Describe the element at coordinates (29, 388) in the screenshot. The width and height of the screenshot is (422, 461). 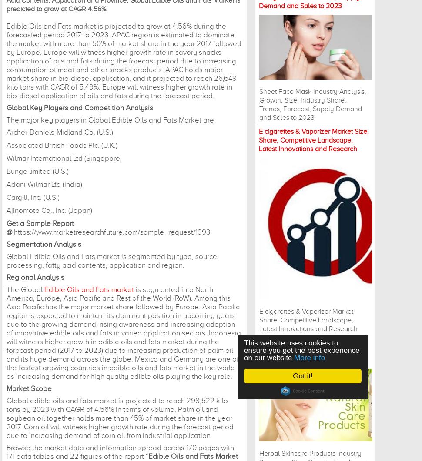
I see `'Market Scope'` at that location.